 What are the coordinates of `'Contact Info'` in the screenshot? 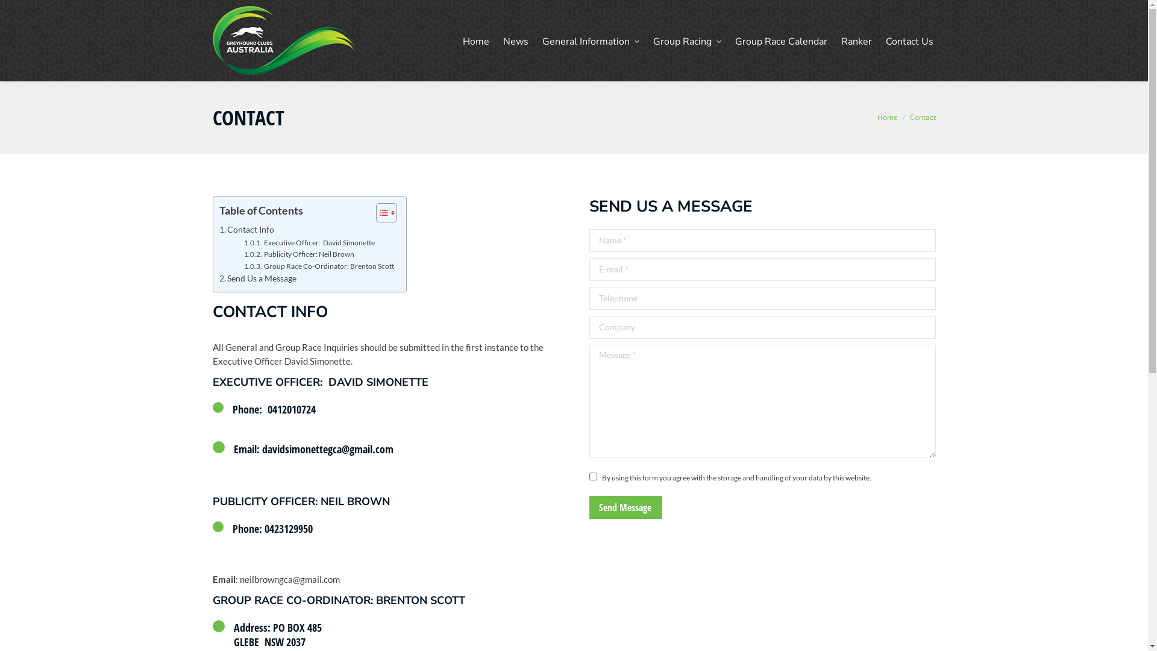 It's located at (219, 230).